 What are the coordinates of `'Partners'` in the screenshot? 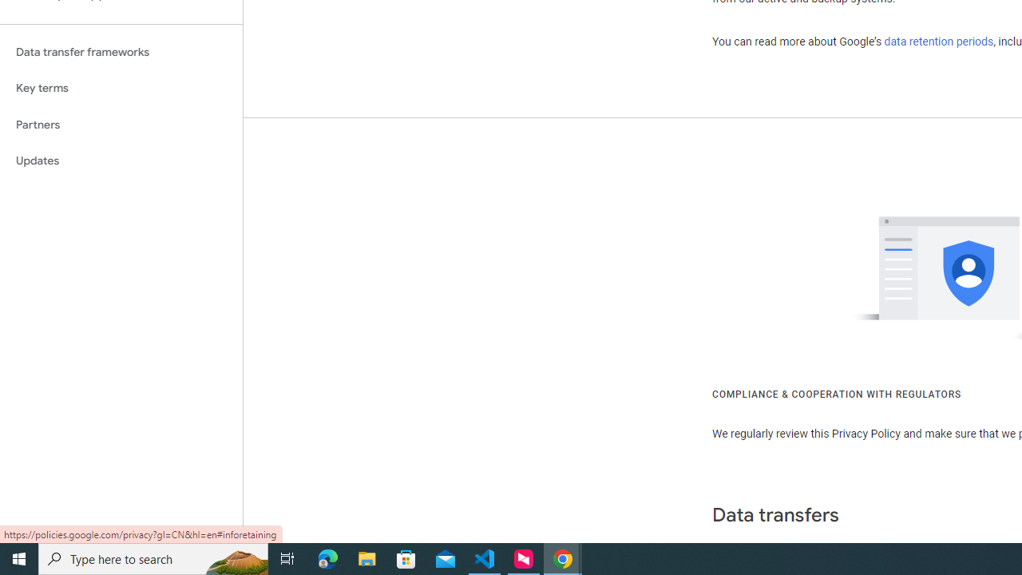 It's located at (121, 124).